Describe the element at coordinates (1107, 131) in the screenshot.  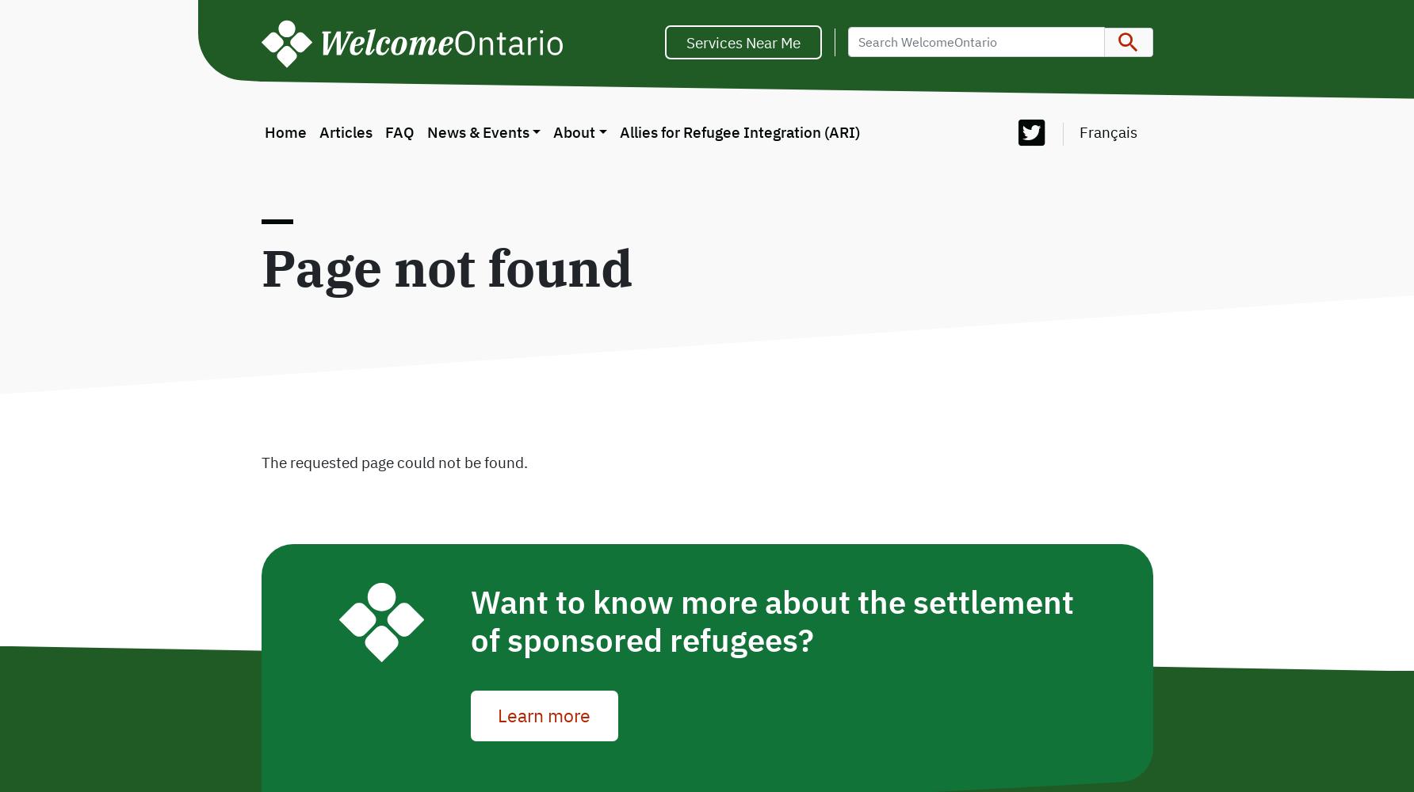
I see `'Français'` at that location.